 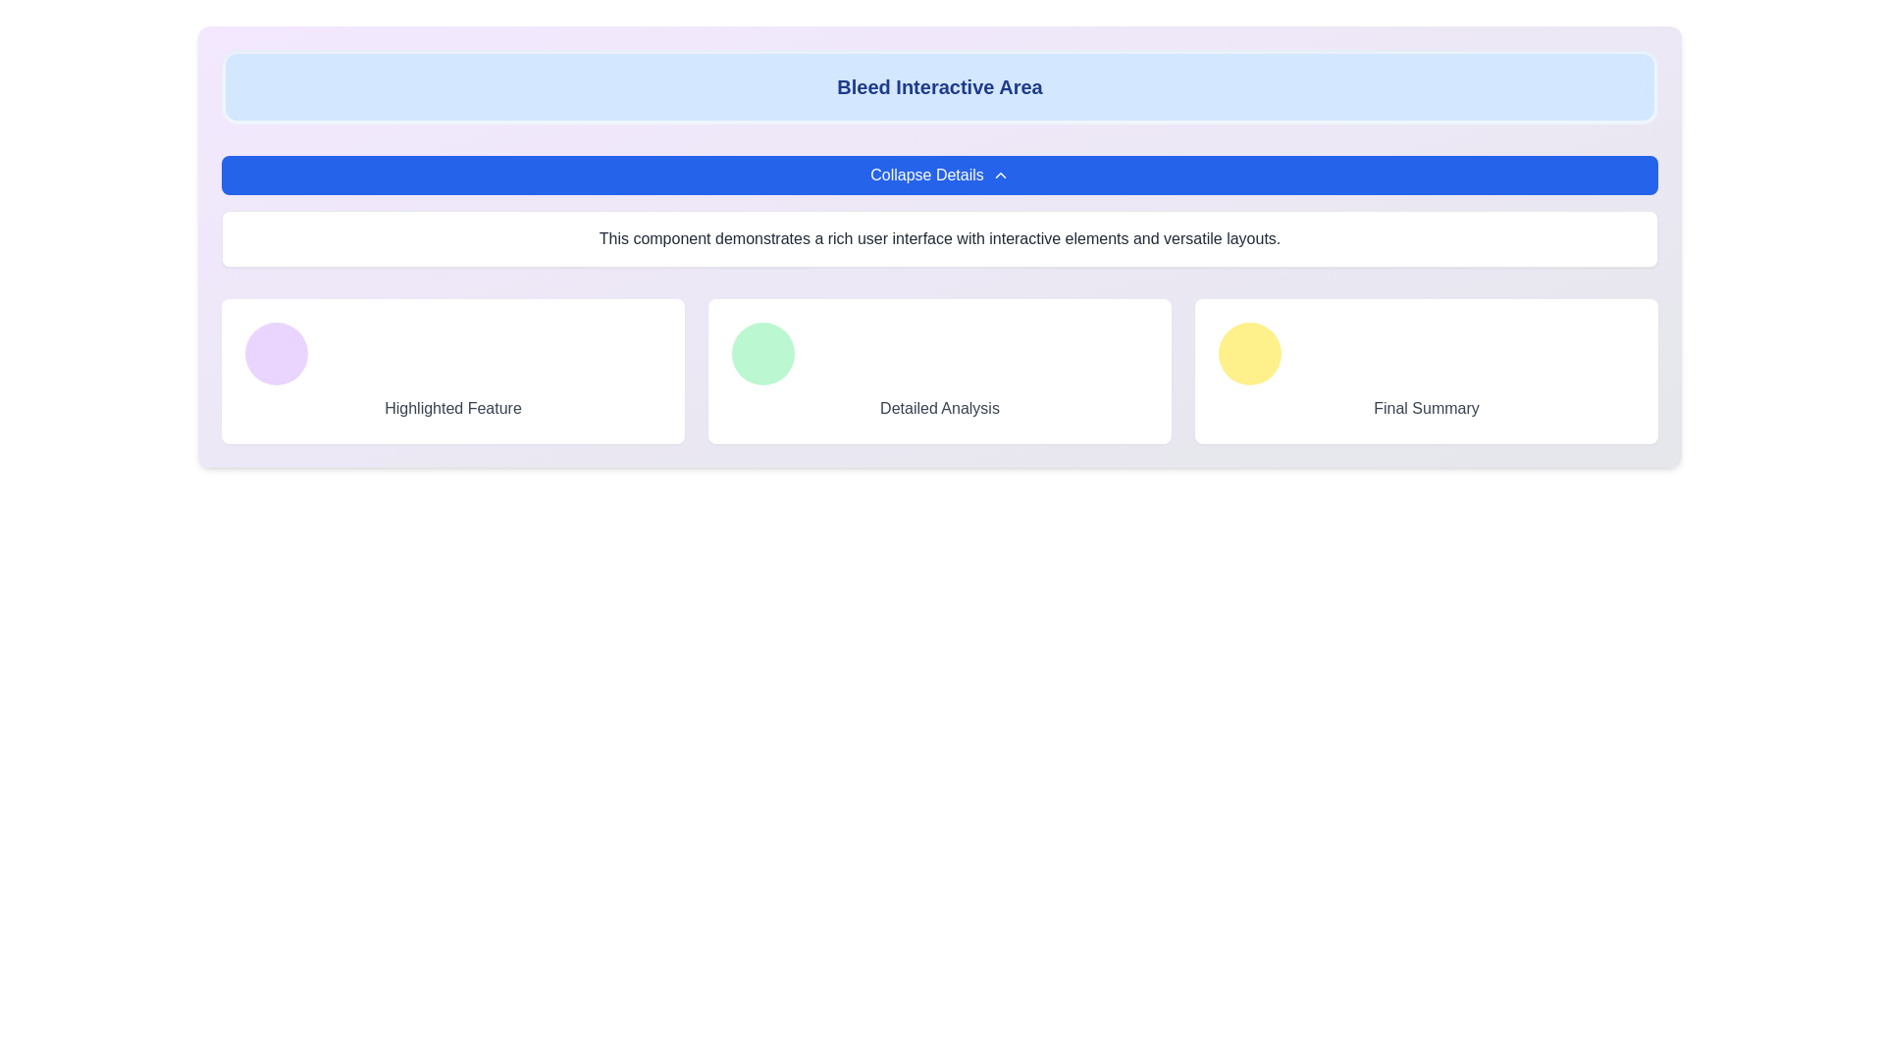 What do you see at coordinates (939, 174) in the screenshot?
I see `the 'Collapse Details' button, which is a horizontally rectangular button with a vibrant blue background and white text, located below the 'Bleed Interactive Area' header` at bounding box center [939, 174].